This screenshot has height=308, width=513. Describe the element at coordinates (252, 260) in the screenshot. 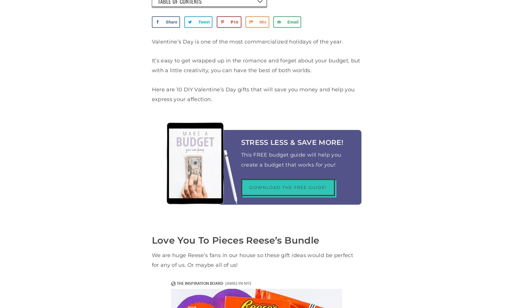

I see `'We are huge Reese’s fans in our house so these gift ideas would be perfect for any of us. Or maybe all of us!'` at that location.